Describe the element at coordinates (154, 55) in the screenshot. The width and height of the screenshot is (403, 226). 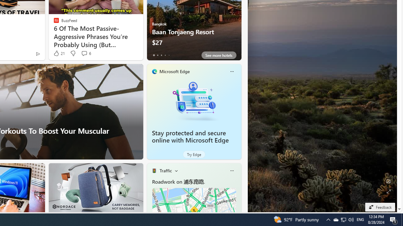
I see `'tab-0'` at that location.